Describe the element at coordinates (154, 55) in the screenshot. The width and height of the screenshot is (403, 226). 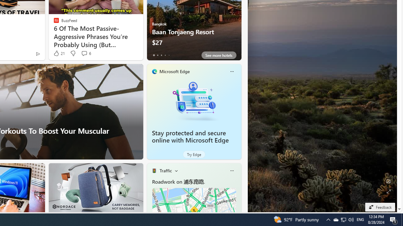
I see `'tab-0'` at that location.